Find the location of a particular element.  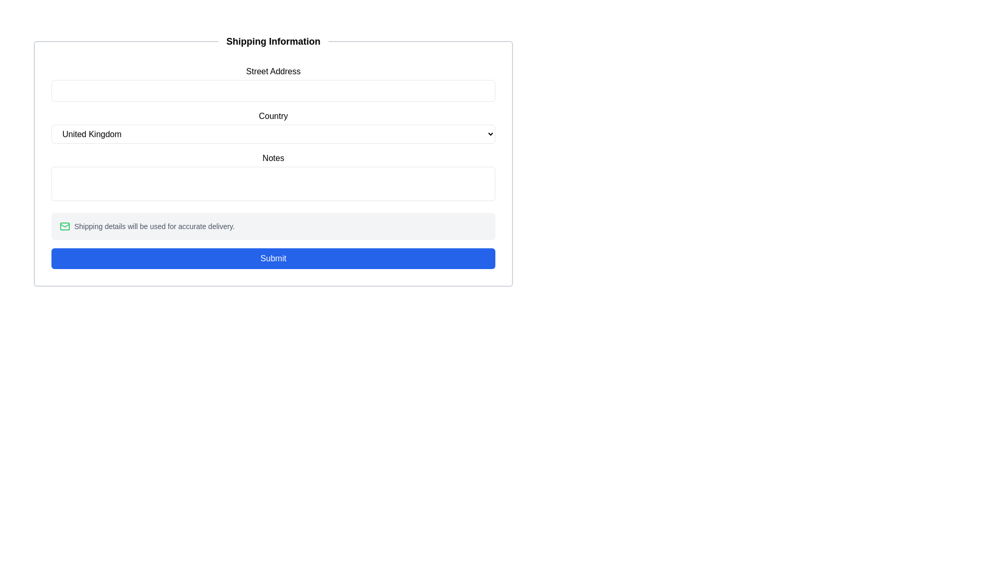

the text label reading 'Street Address' which is styled in black font and located above the corresponding text input field in the Shipping Information section is located at coordinates (273, 71).